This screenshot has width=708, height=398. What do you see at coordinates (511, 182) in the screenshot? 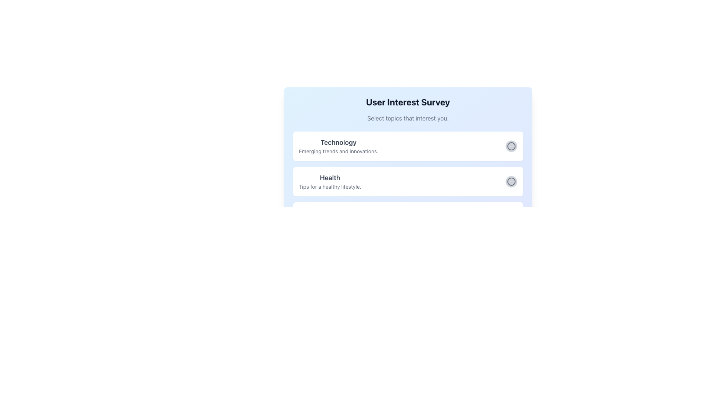
I see `the circular button with a gray background and light gray border, which contains a stroke-outline circle icon` at bounding box center [511, 182].